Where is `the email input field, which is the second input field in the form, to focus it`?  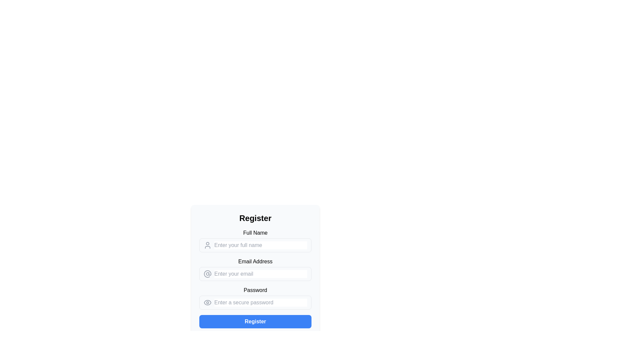 the email input field, which is the second input field in the form, to focus it is located at coordinates (255, 271).